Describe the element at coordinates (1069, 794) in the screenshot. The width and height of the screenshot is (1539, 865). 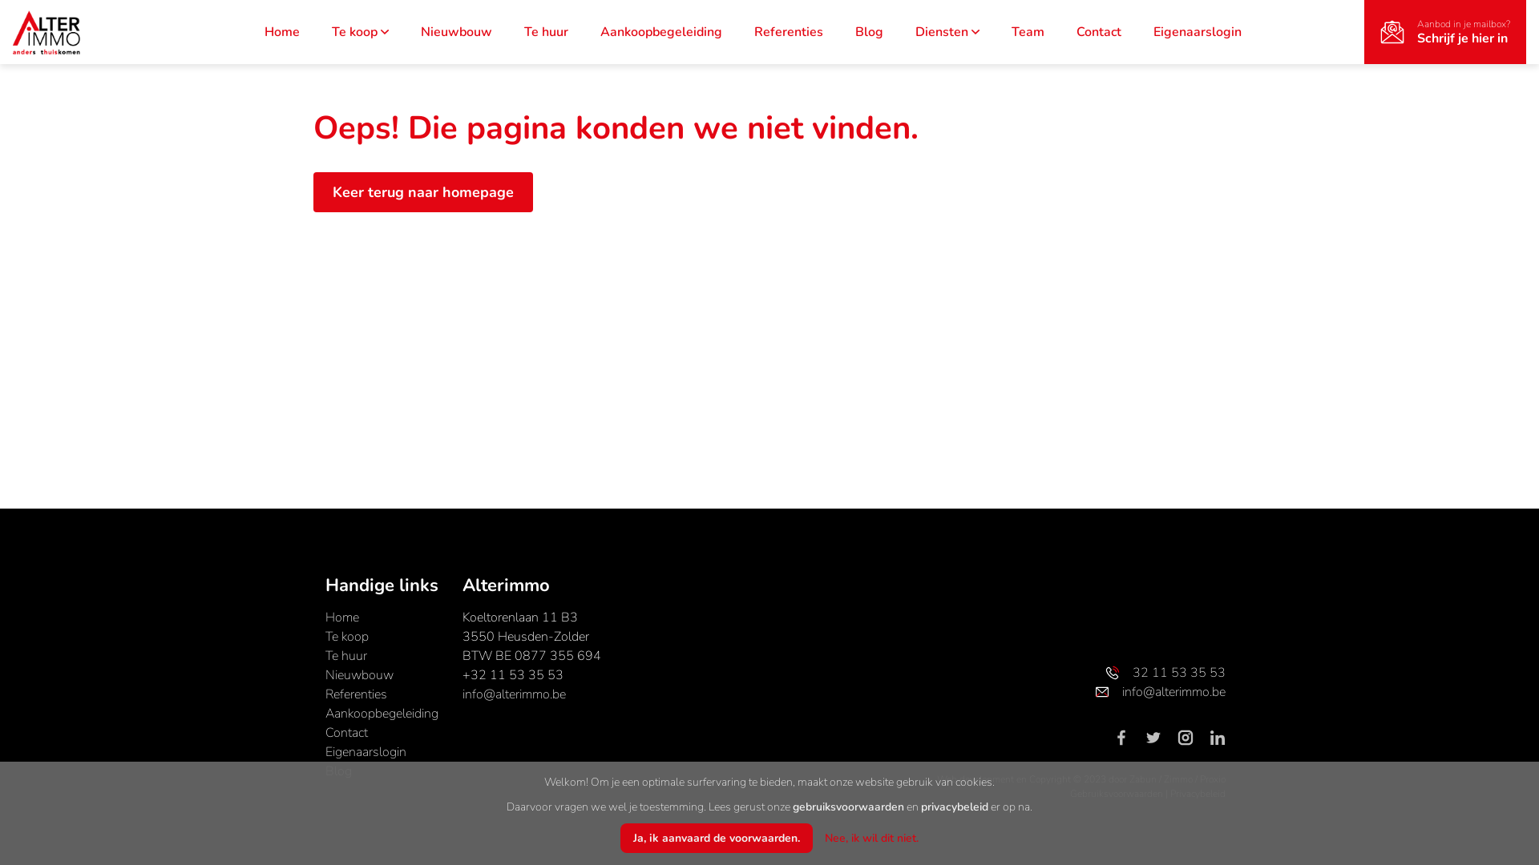
I see `'Gebruiksvoorwaarden'` at that location.